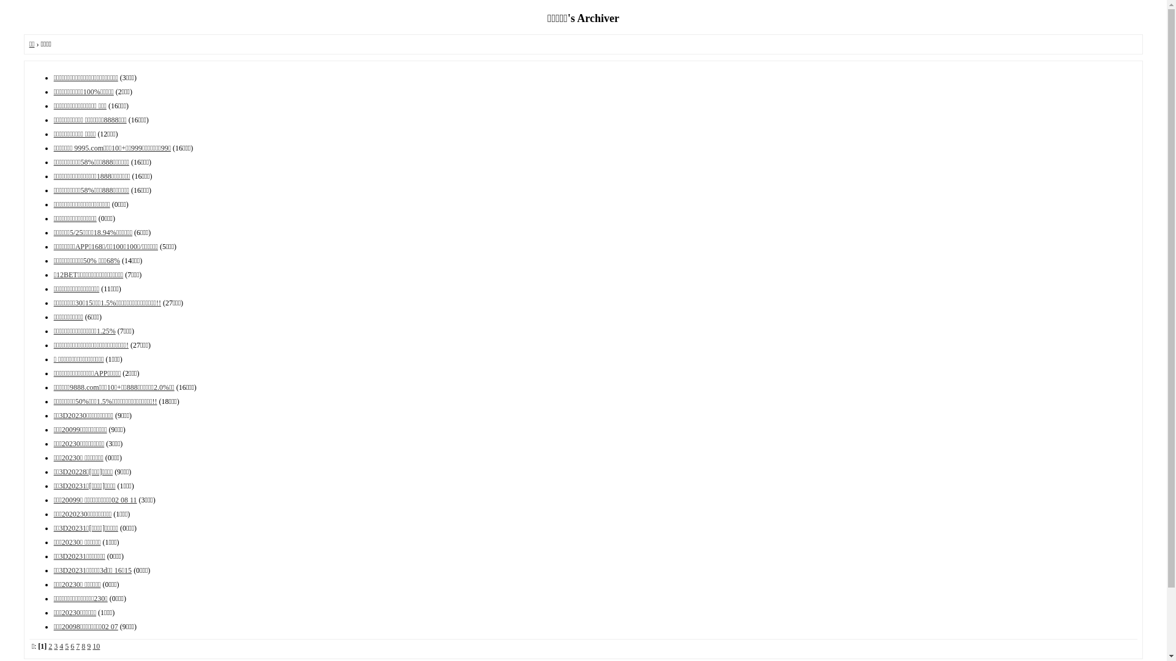  I want to click on '7', so click(77, 646).